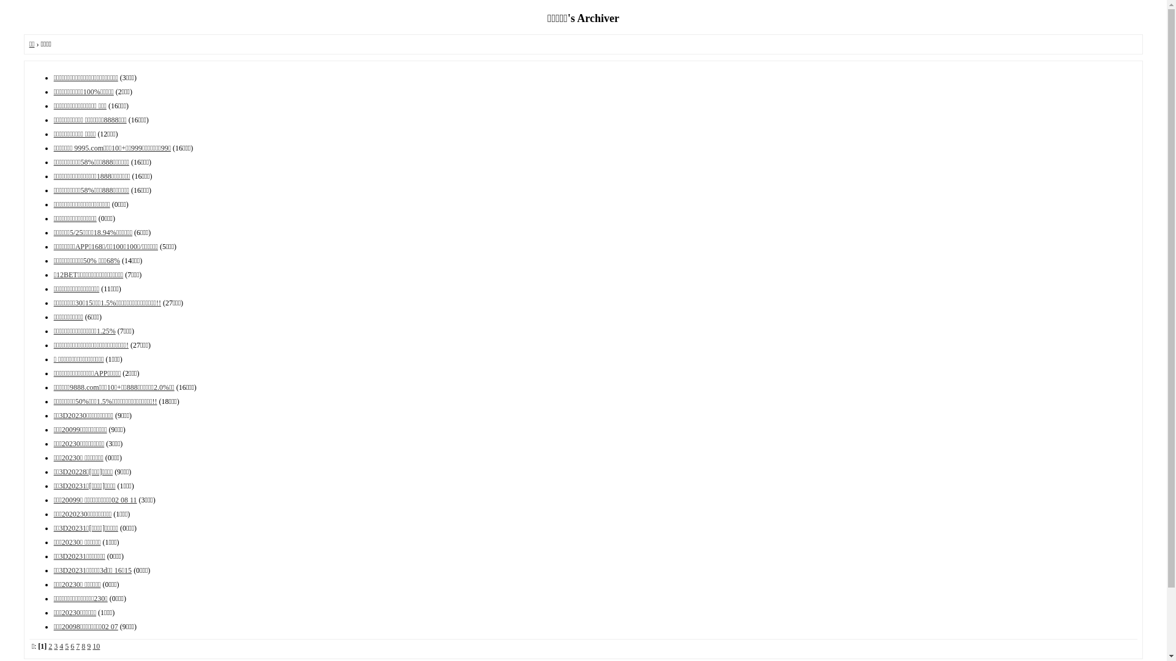  I want to click on '7', so click(77, 646).